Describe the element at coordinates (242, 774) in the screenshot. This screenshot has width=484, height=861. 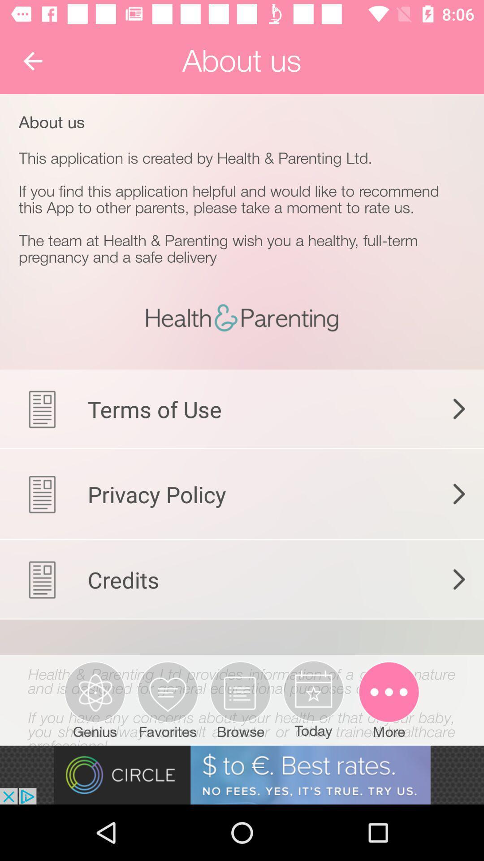
I see `advertisement` at that location.